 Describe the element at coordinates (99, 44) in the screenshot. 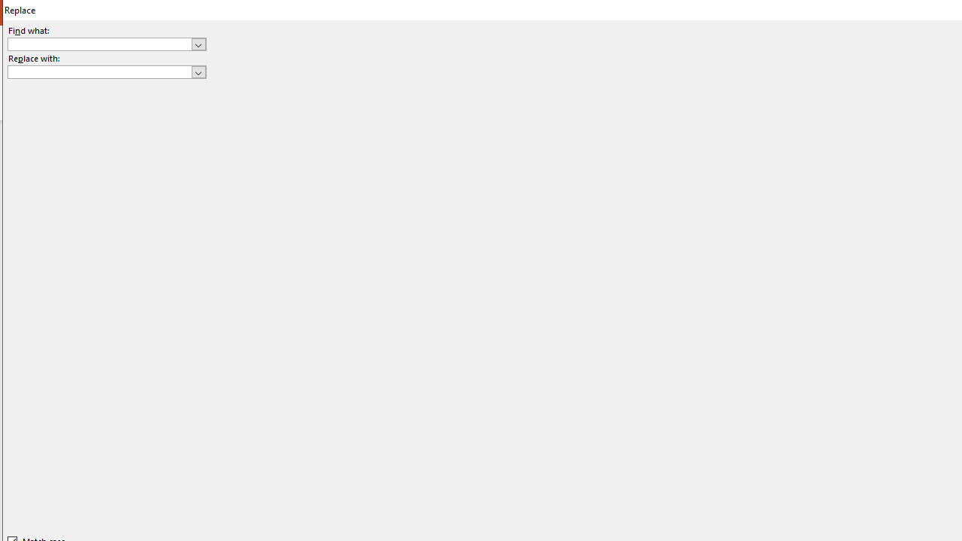

I see `'Find what'` at that location.